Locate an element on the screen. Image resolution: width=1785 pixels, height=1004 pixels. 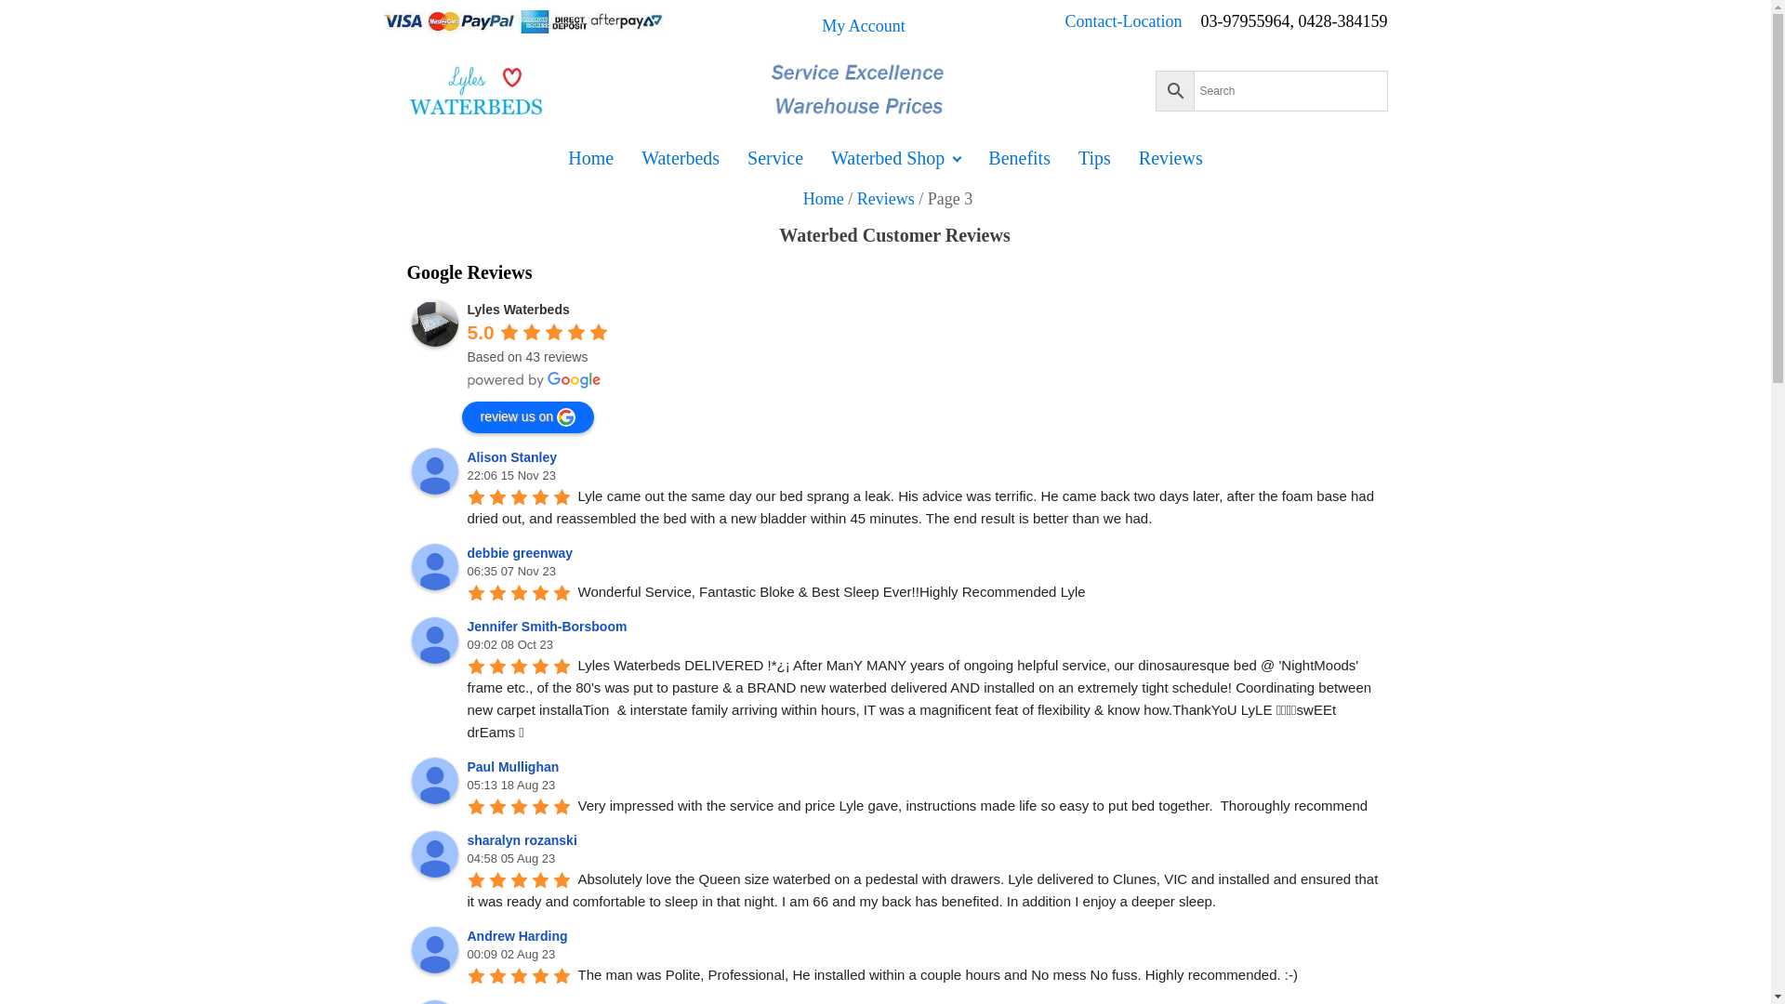
'powered by Google' is located at coordinates (467, 378).